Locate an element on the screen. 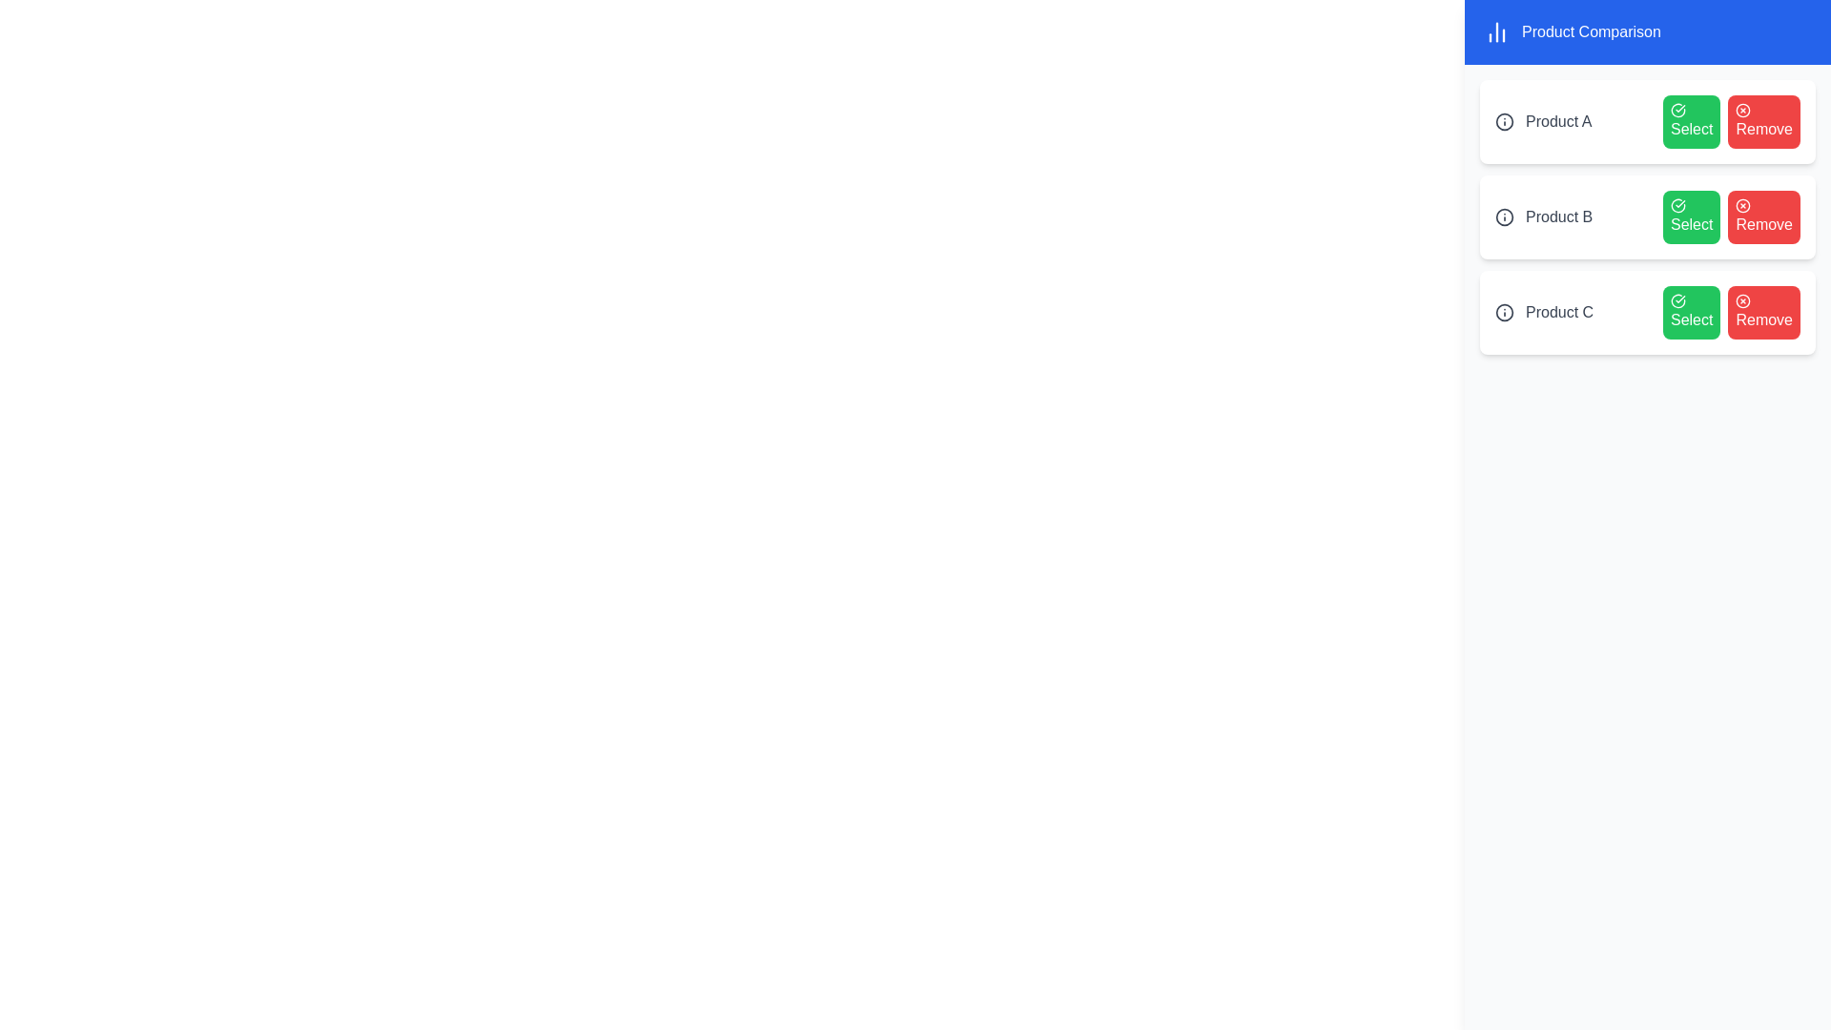 The image size is (1831, 1030). the 'Select' button for Product B is located at coordinates (1692, 216).